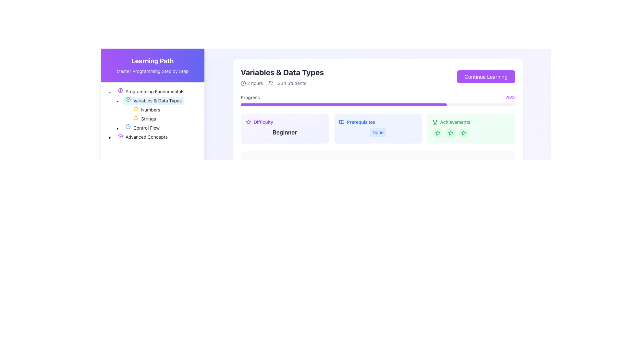 Image resolution: width=623 pixels, height=350 pixels. What do you see at coordinates (144, 119) in the screenshot?
I see `the navigational link labeled 'Strings', which is located to the right of a star icon with a yellow border` at bounding box center [144, 119].